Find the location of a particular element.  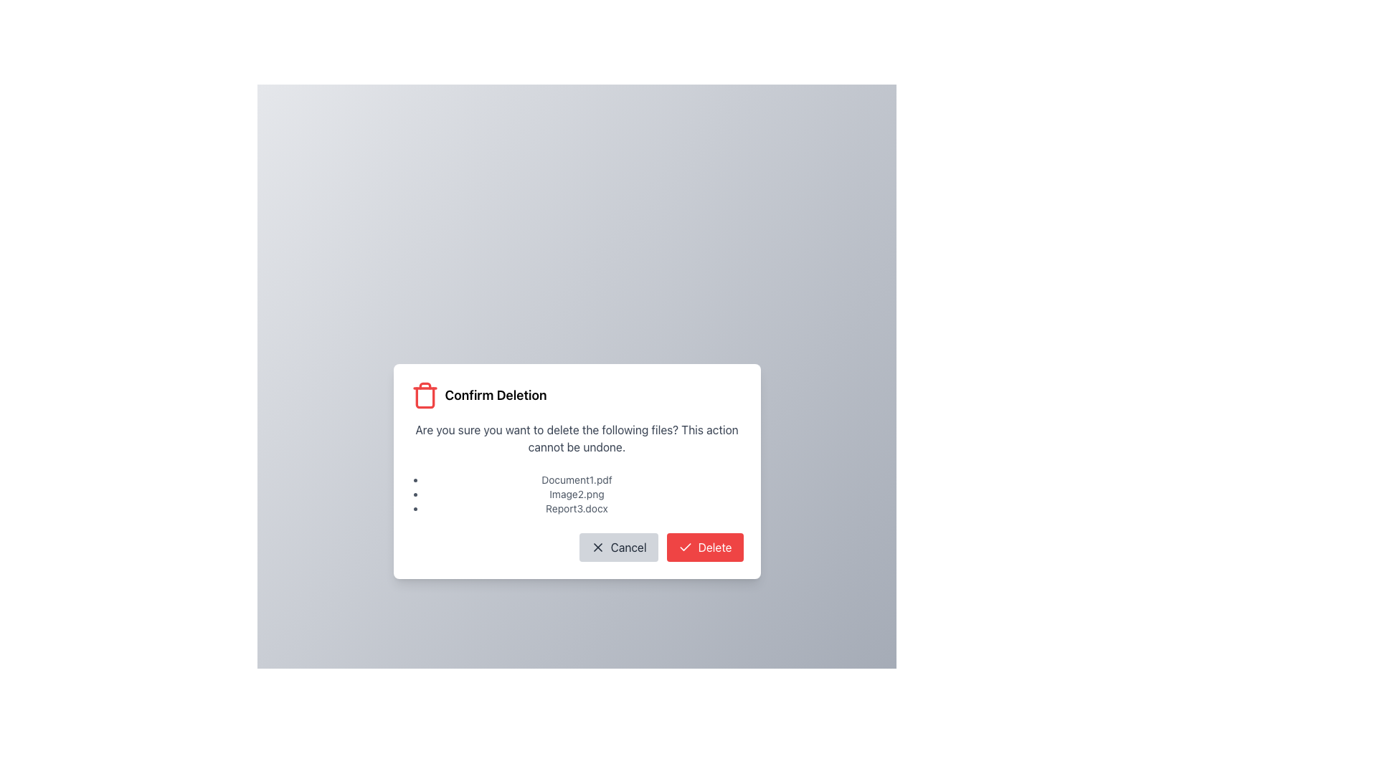

the small, compact 'X' icon located to the left of the 'Cancel' button in the bottom-left region of the dialog box is located at coordinates (597, 547).